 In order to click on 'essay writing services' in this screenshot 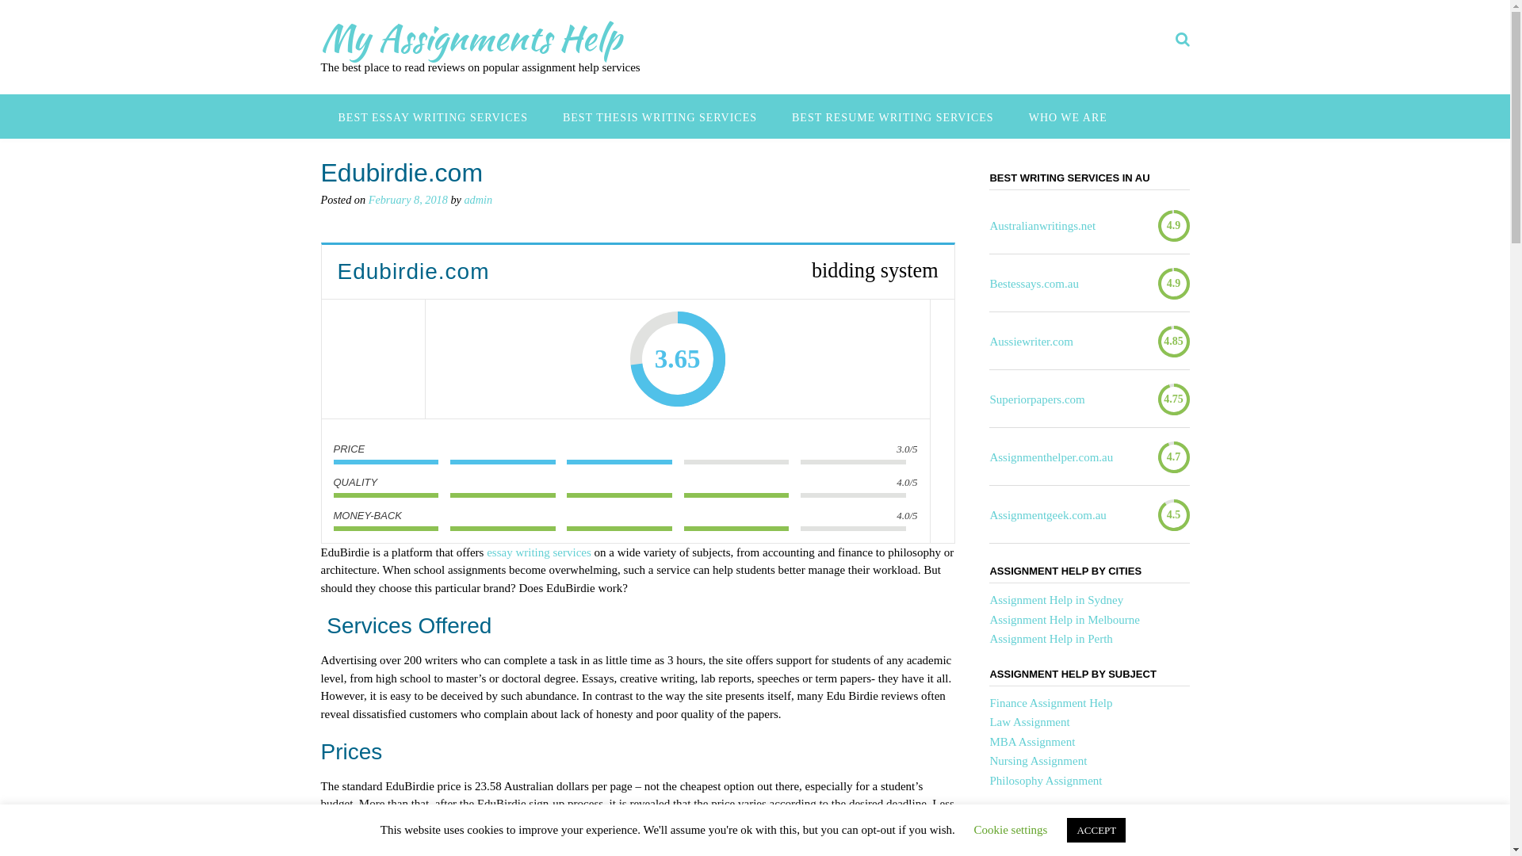, I will do `click(539, 552)`.